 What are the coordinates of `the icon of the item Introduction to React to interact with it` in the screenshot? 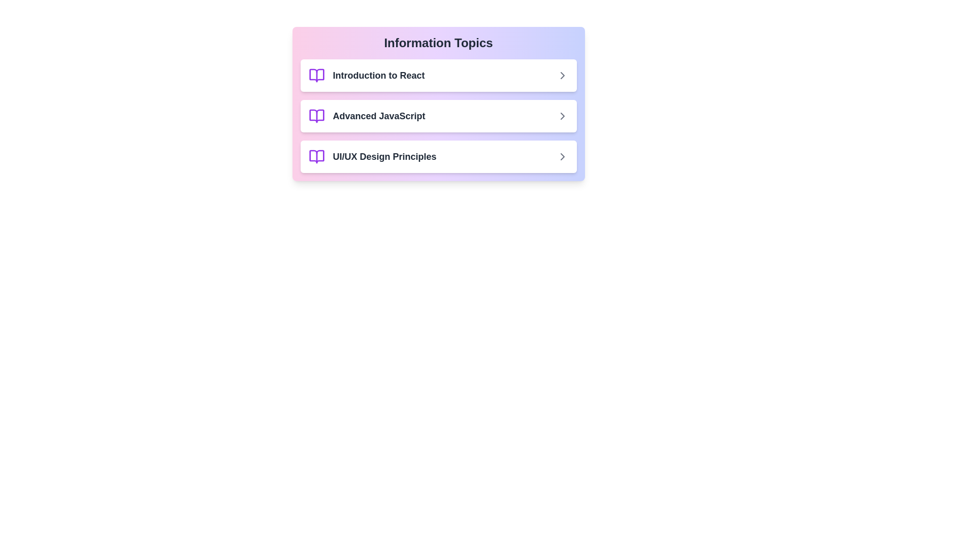 It's located at (316, 75).